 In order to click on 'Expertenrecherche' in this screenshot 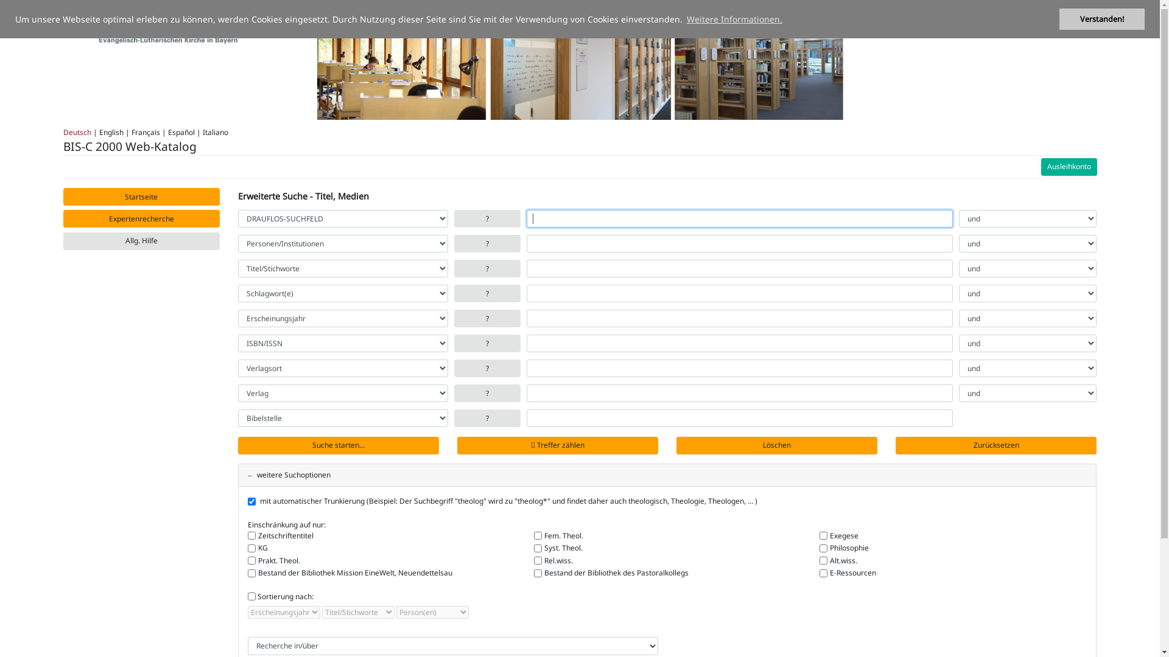, I will do `click(142, 218)`.